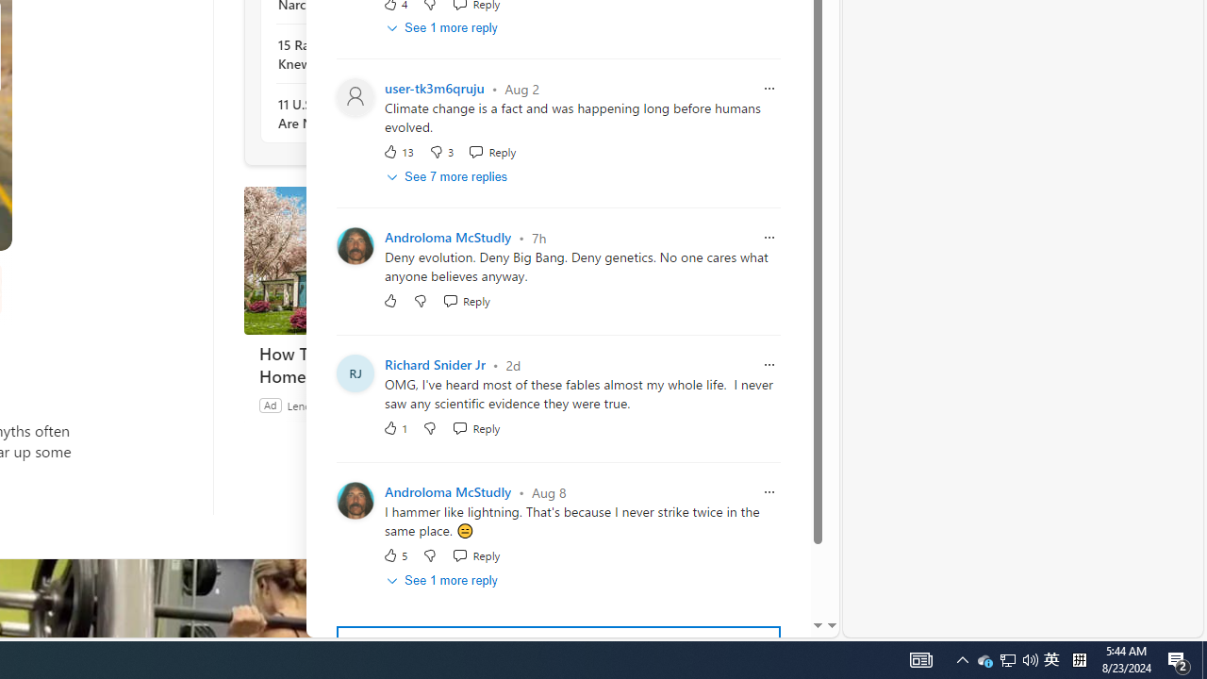  I want to click on 'user-tk3m6qruju', so click(434, 89).